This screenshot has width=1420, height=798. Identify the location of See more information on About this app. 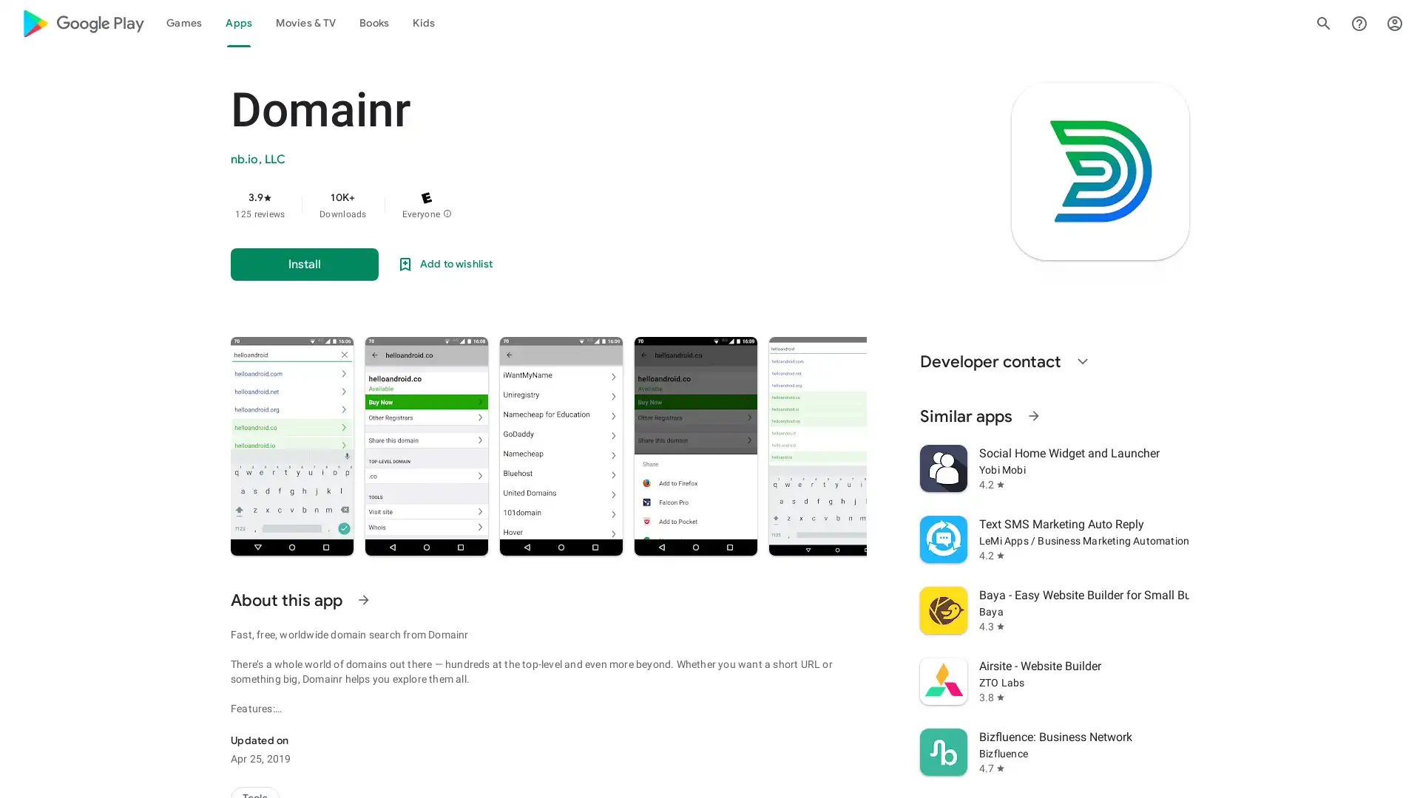
(363, 600).